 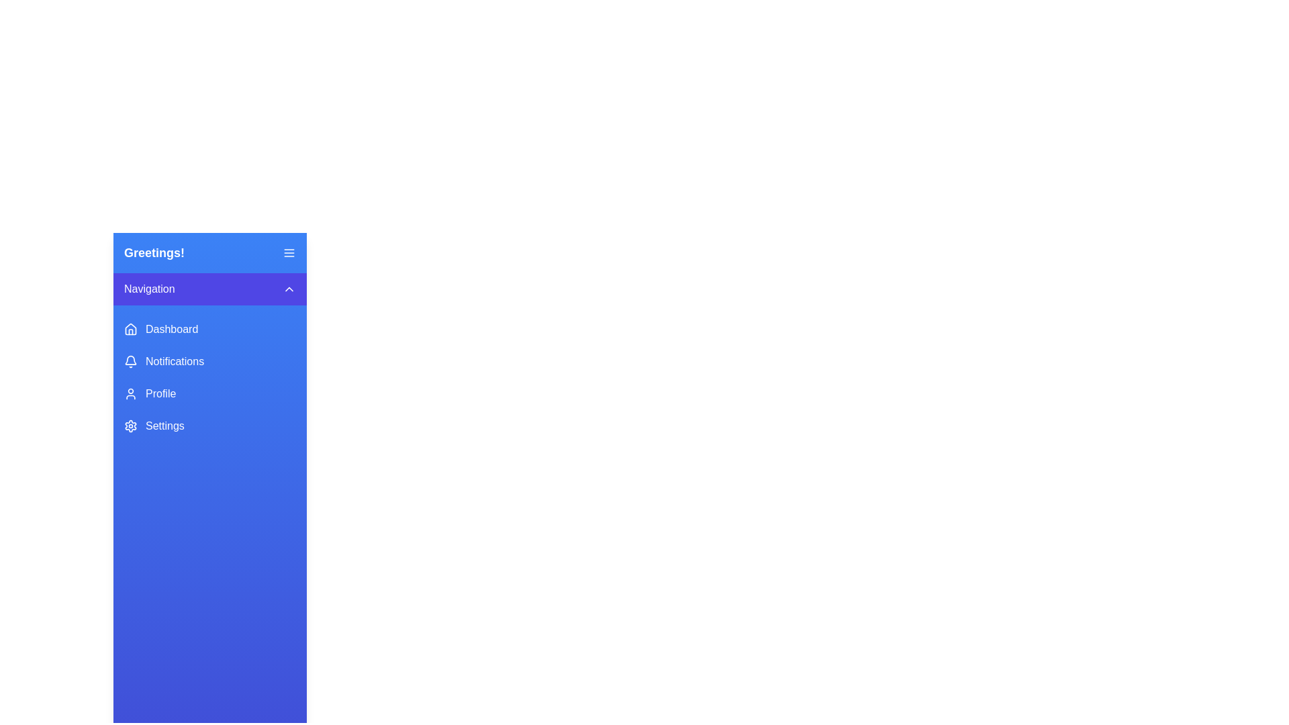 What do you see at coordinates (289, 289) in the screenshot?
I see `the upward navigation indicator icon, located on the right side of the purple 'Navigation' toolbar` at bounding box center [289, 289].